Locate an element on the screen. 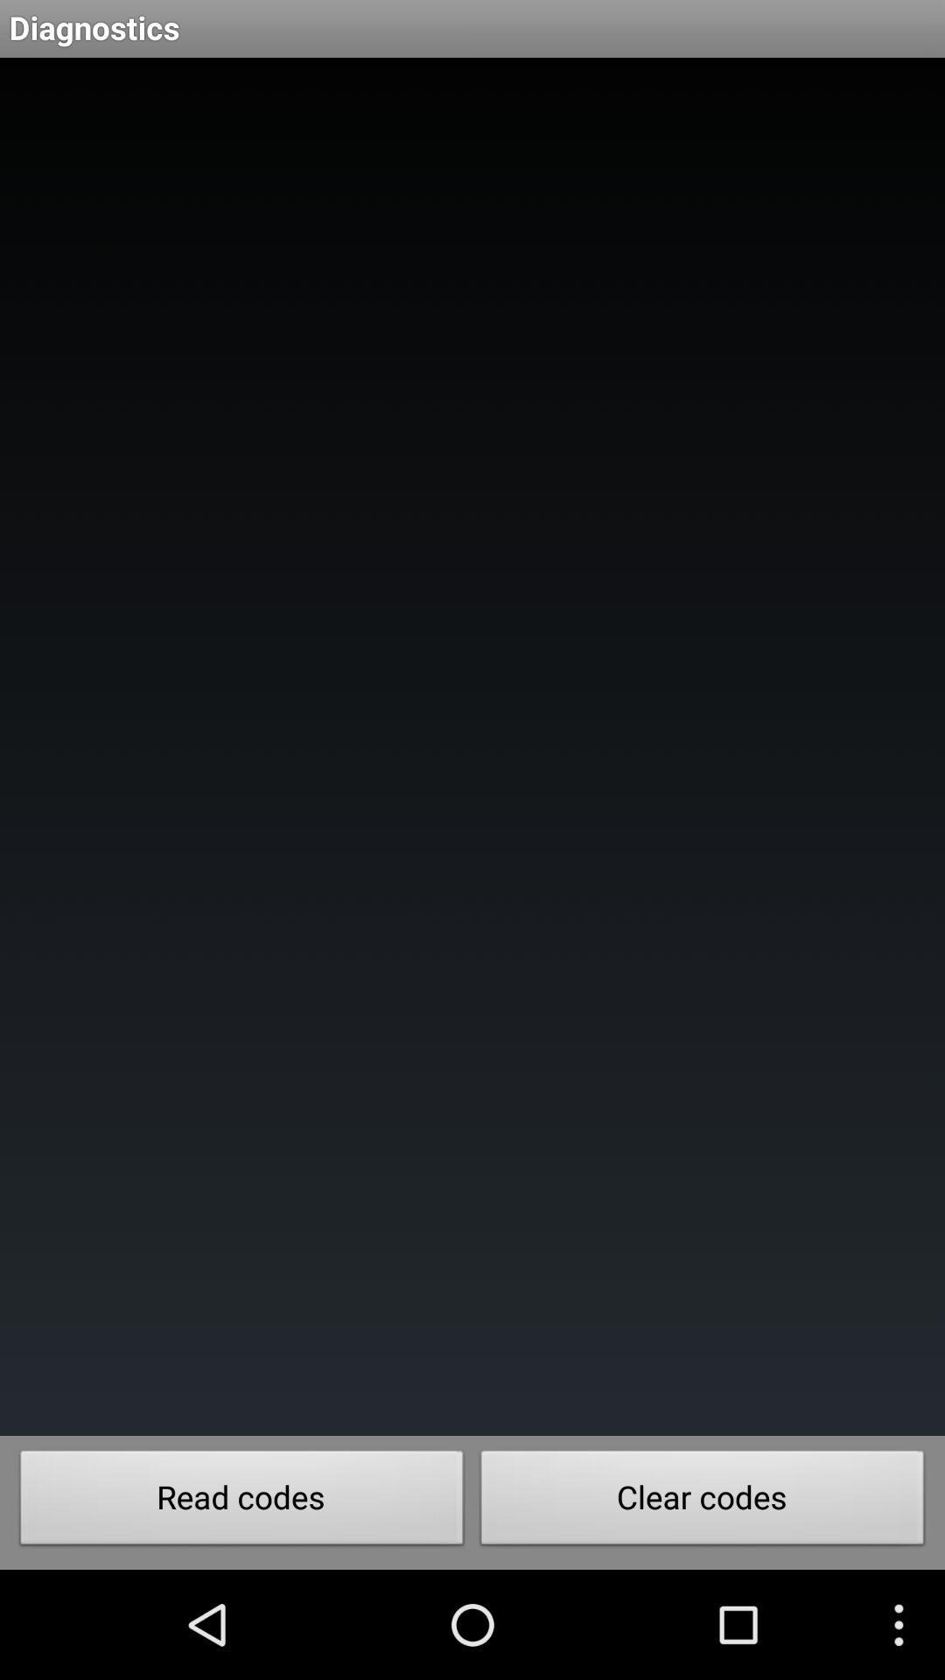 Image resolution: width=945 pixels, height=1680 pixels. the item next to the clear codes button is located at coordinates (241, 1501).